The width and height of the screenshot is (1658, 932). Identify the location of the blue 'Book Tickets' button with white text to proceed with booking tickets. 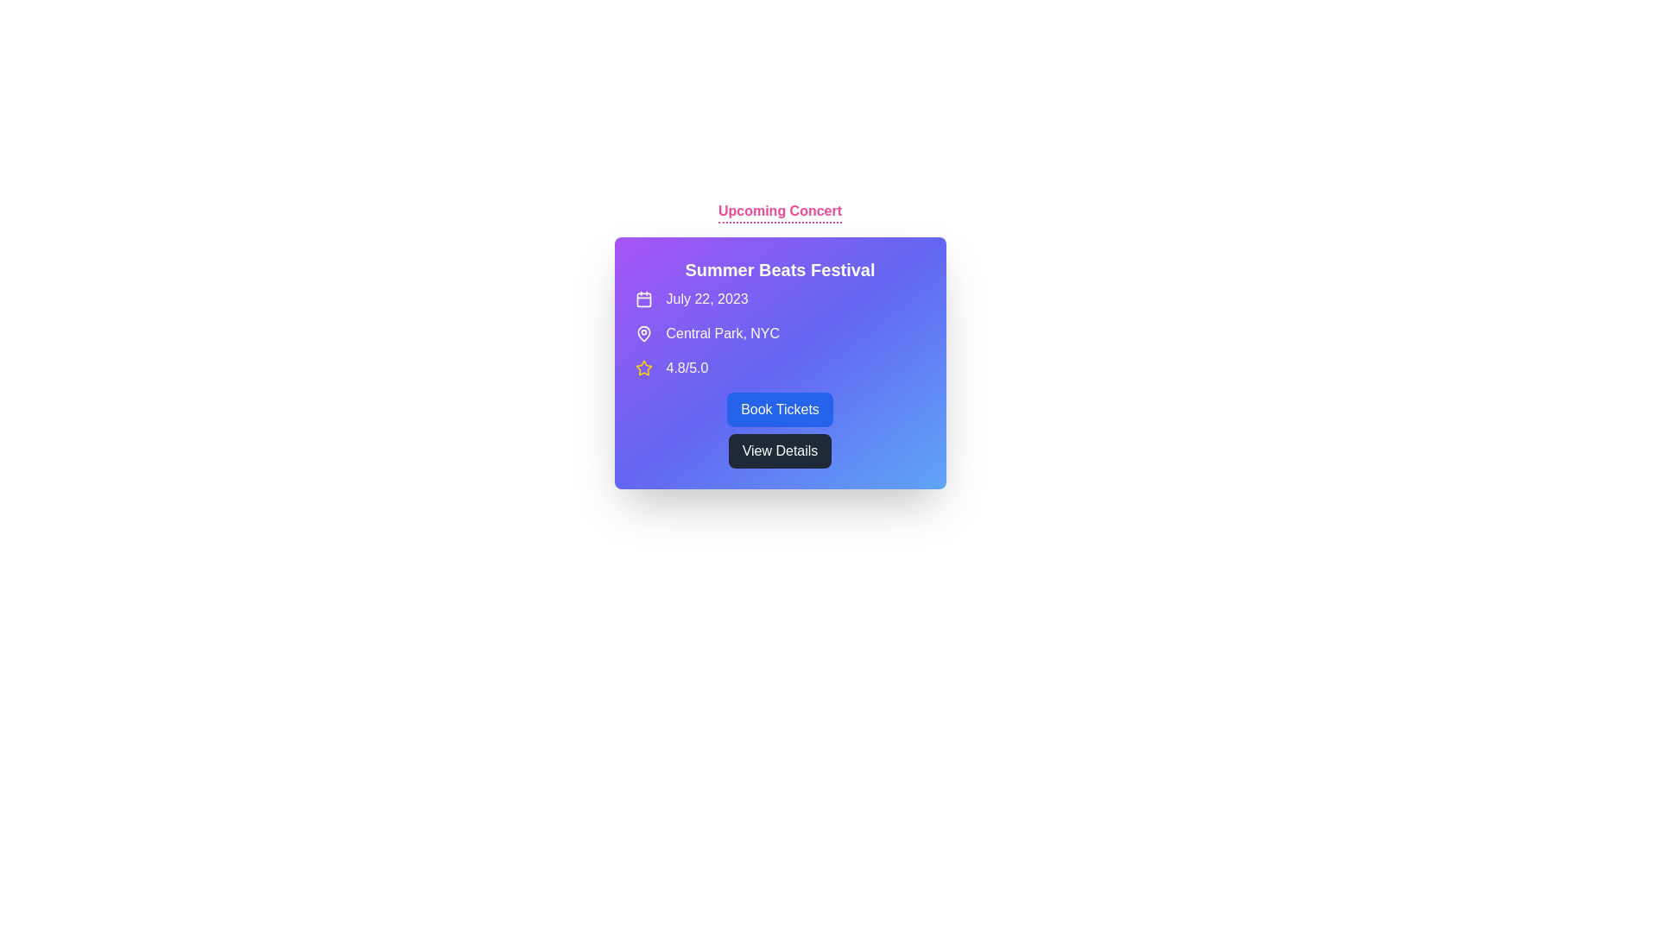
(779, 409).